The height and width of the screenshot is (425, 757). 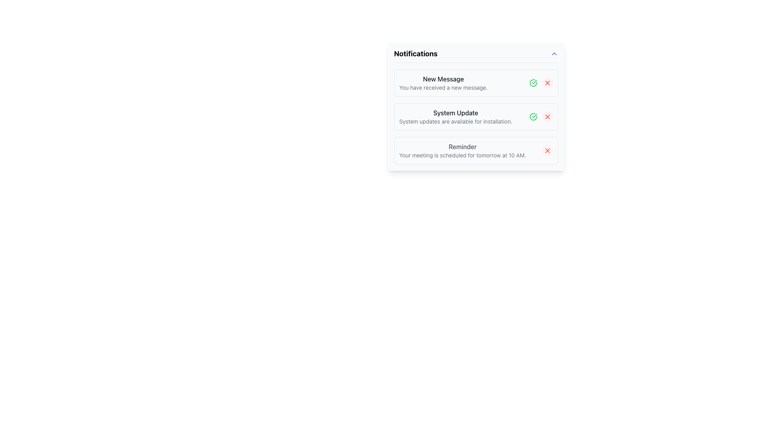 I want to click on the 'System Update' text label in the second notification card, which summarizes the content of the notification and is positioned above the text 'System updates are available for installation.', so click(x=456, y=113).